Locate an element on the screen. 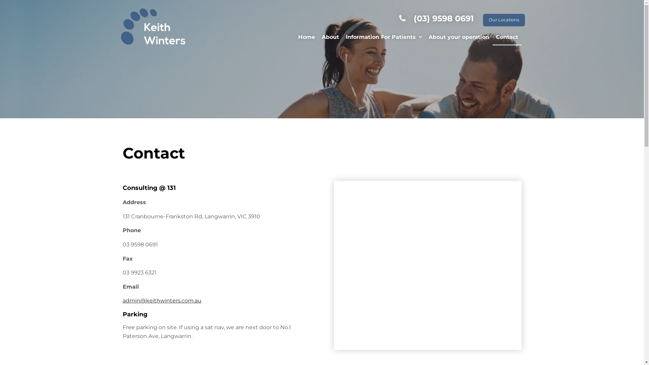  'Home' is located at coordinates (306, 38).